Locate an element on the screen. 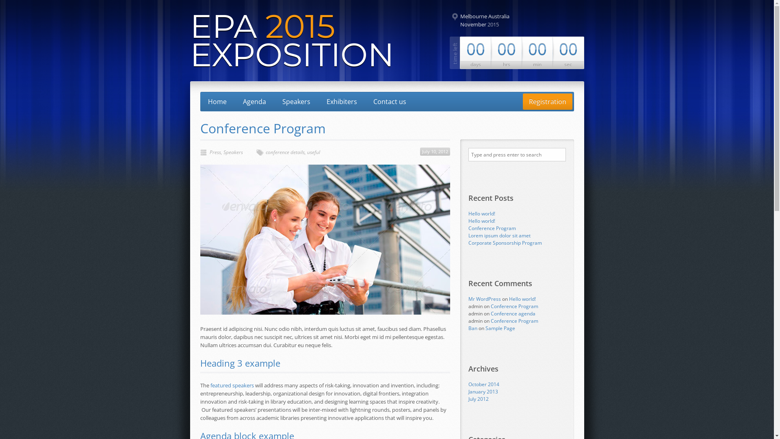 This screenshot has width=780, height=439. 'Agenda' is located at coordinates (253, 101).